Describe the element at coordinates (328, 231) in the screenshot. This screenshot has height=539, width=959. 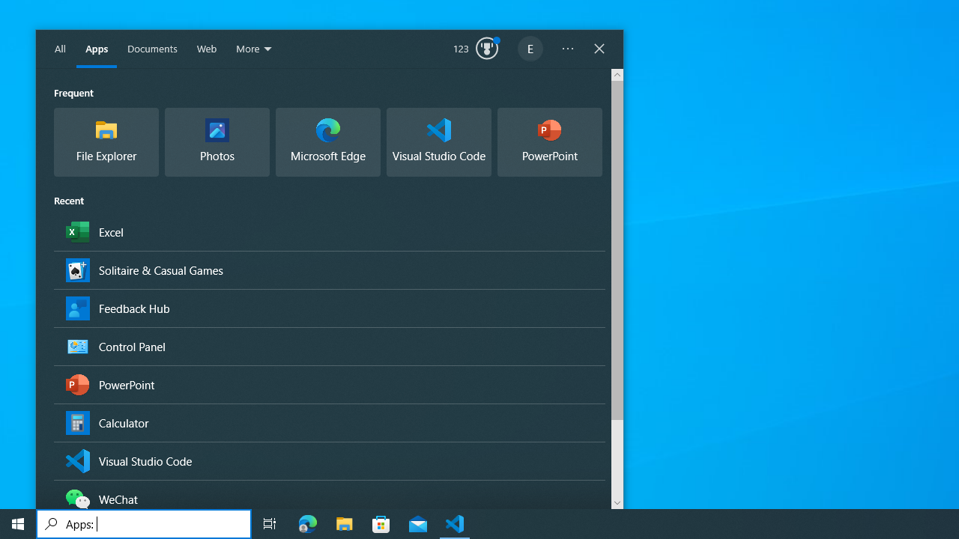
I see `'Recent Group,Excel, App'` at that location.